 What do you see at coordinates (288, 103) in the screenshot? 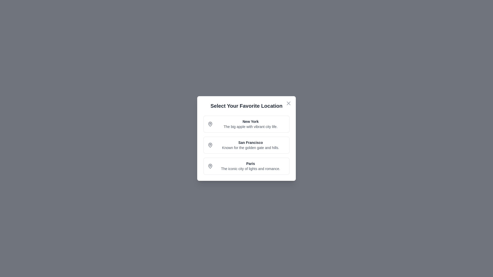
I see `the close button located at the top-right corner of the dialog box` at bounding box center [288, 103].